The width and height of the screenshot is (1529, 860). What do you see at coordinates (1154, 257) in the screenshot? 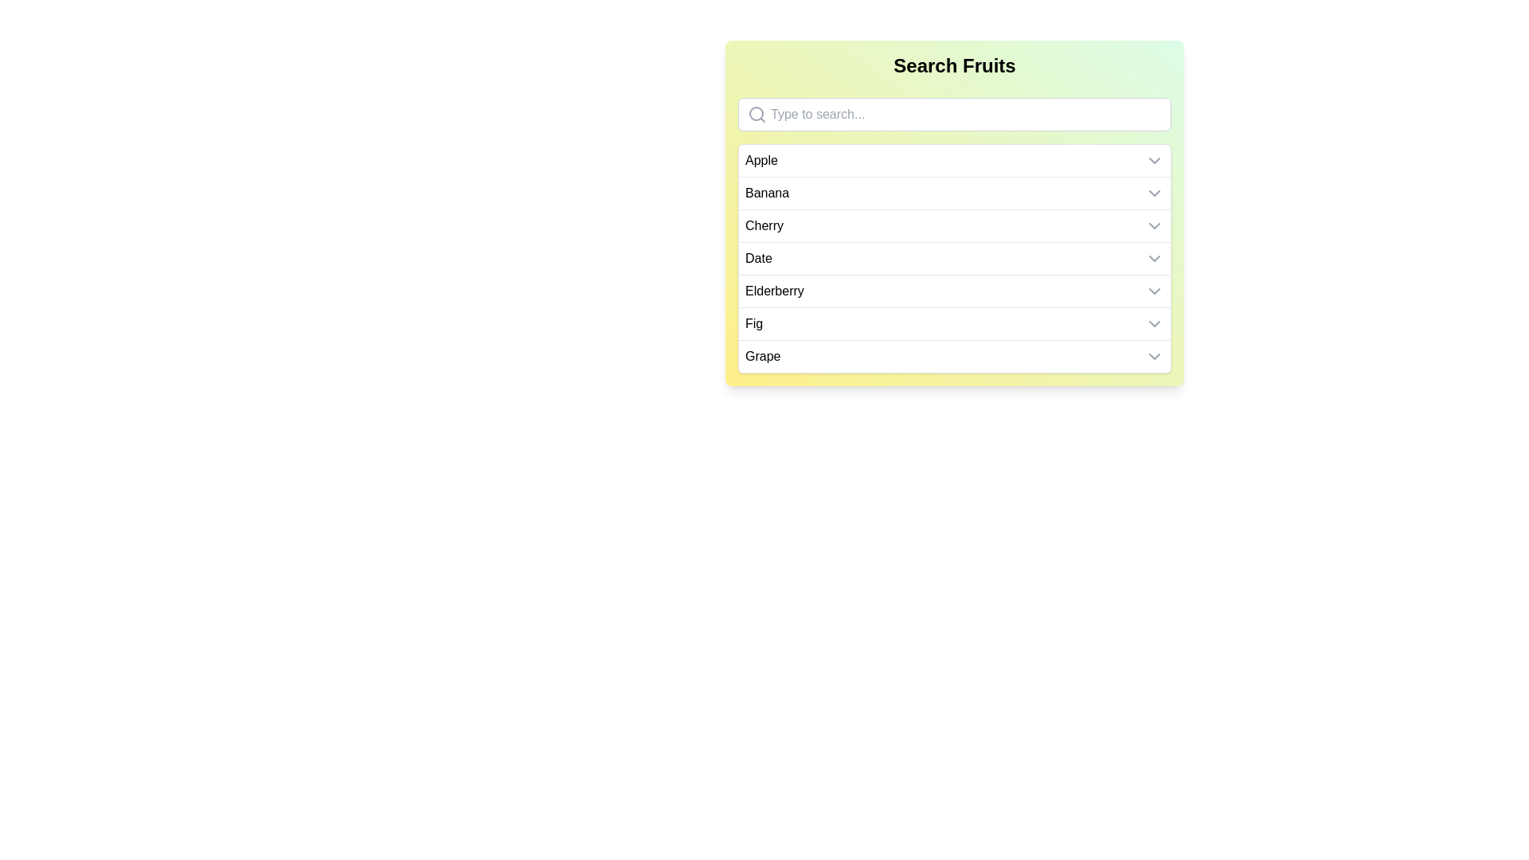
I see `the Dropdown toggle icon located on the far right side of the 'Date' row` at bounding box center [1154, 257].